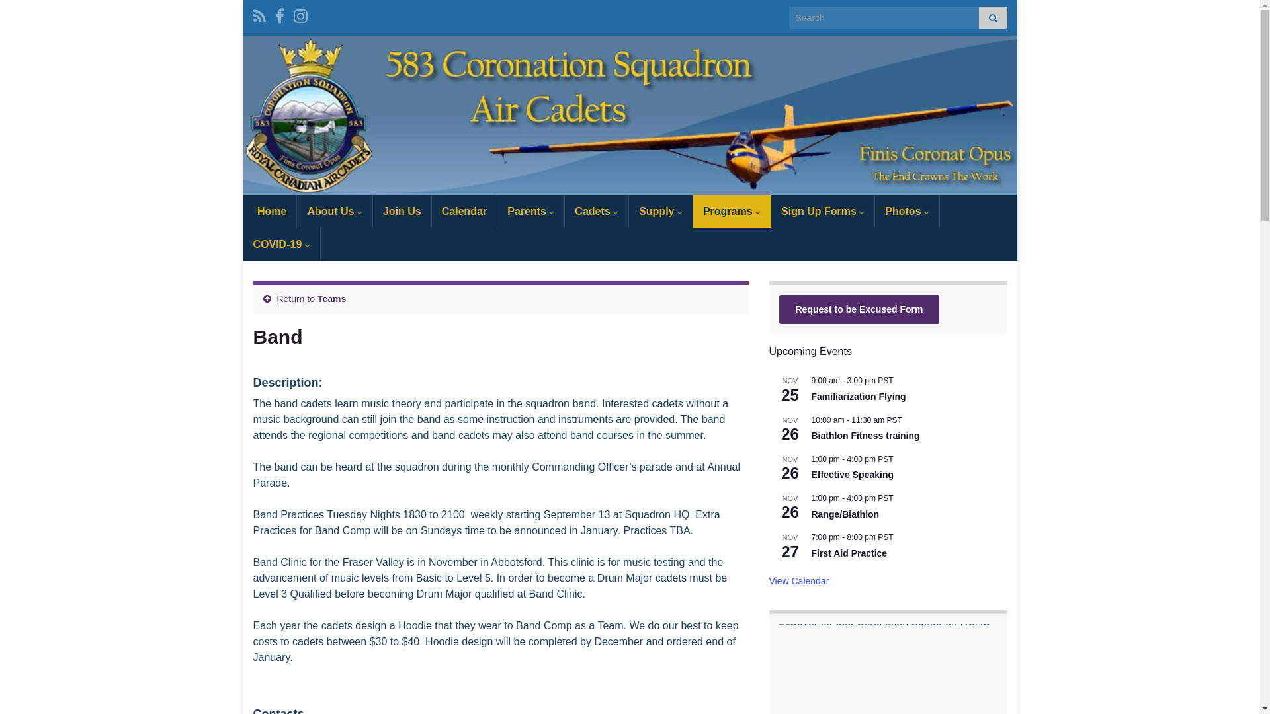 The image size is (1270, 714). Describe the element at coordinates (293, 14) in the screenshot. I see `'Instagram'` at that location.